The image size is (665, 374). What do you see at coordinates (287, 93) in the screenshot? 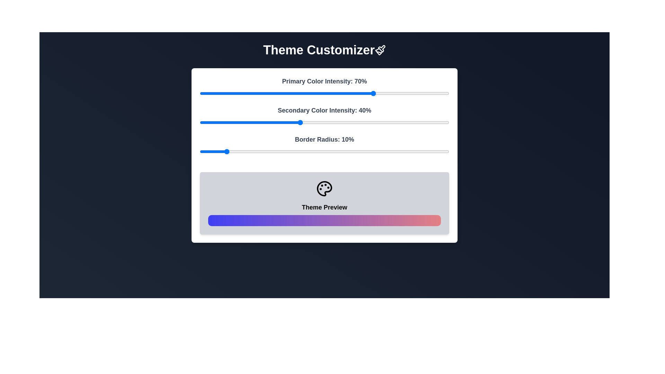
I see `the Primary Color Intensity slider to 35%` at bounding box center [287, 93].